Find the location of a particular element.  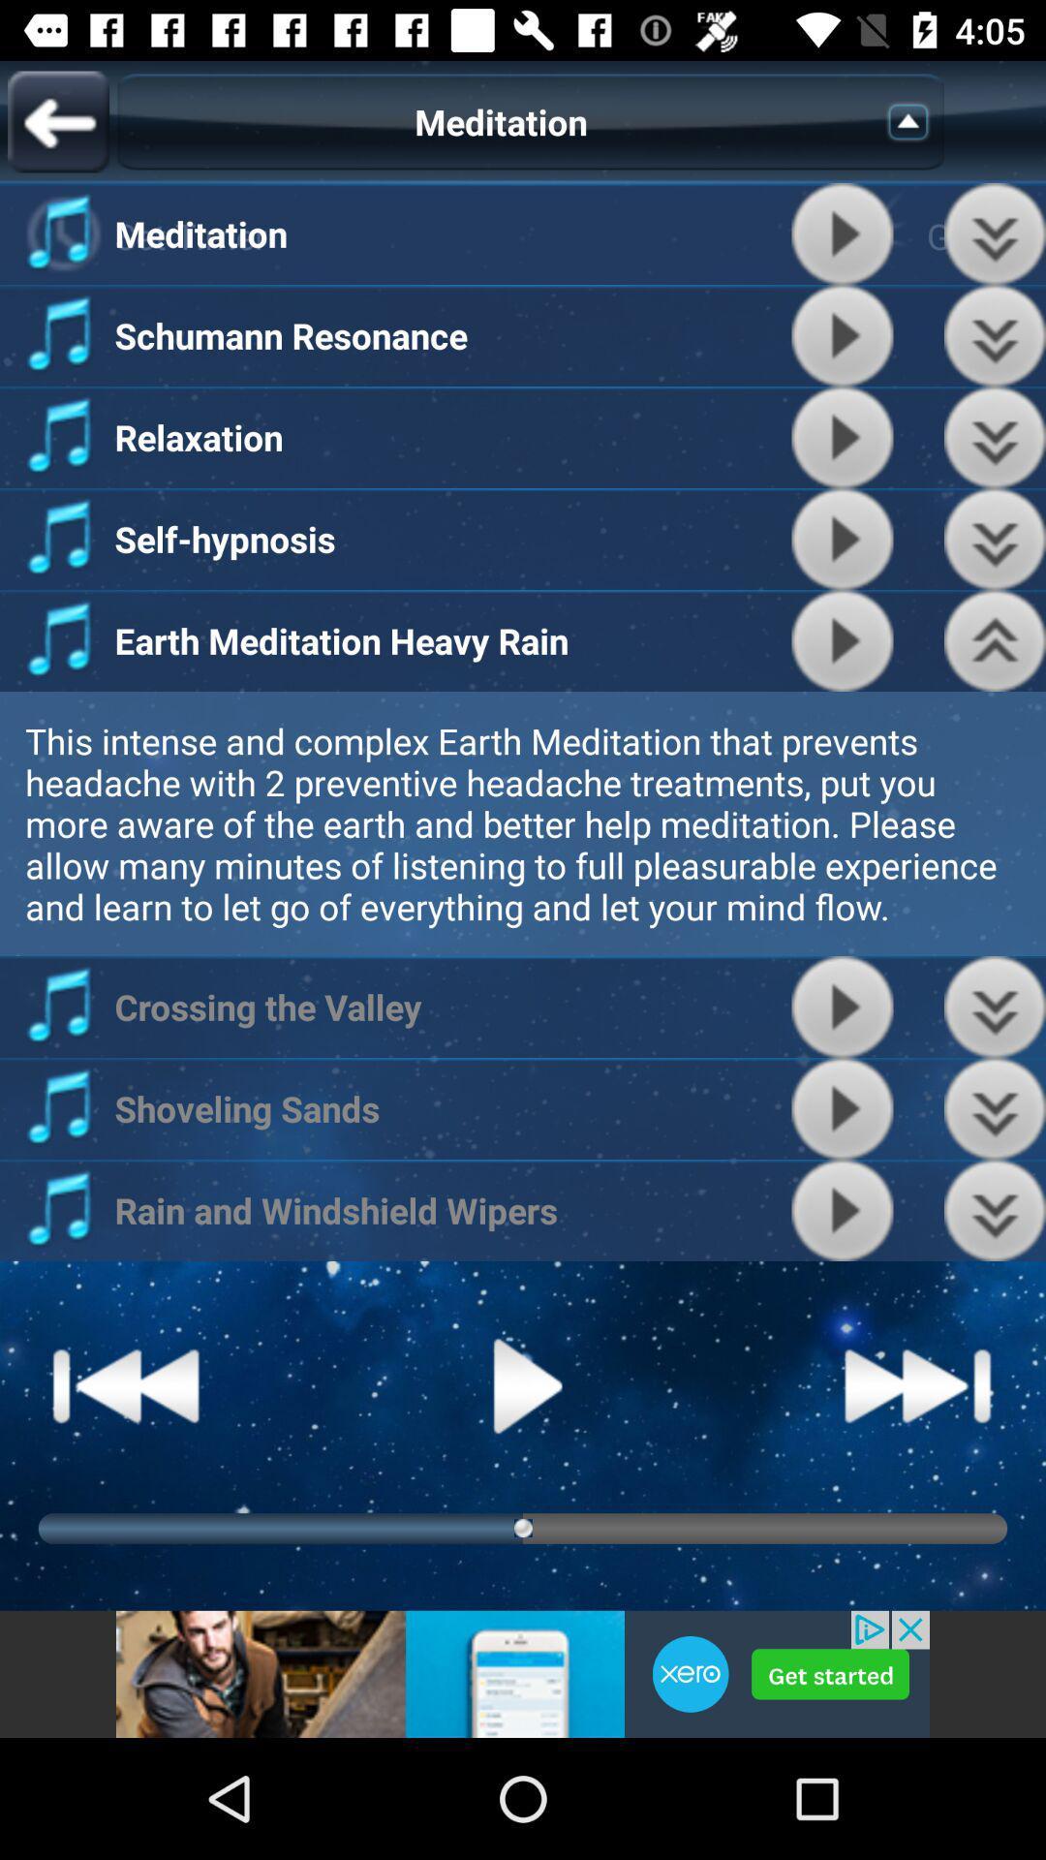

play is located at coordinates (842, 335).